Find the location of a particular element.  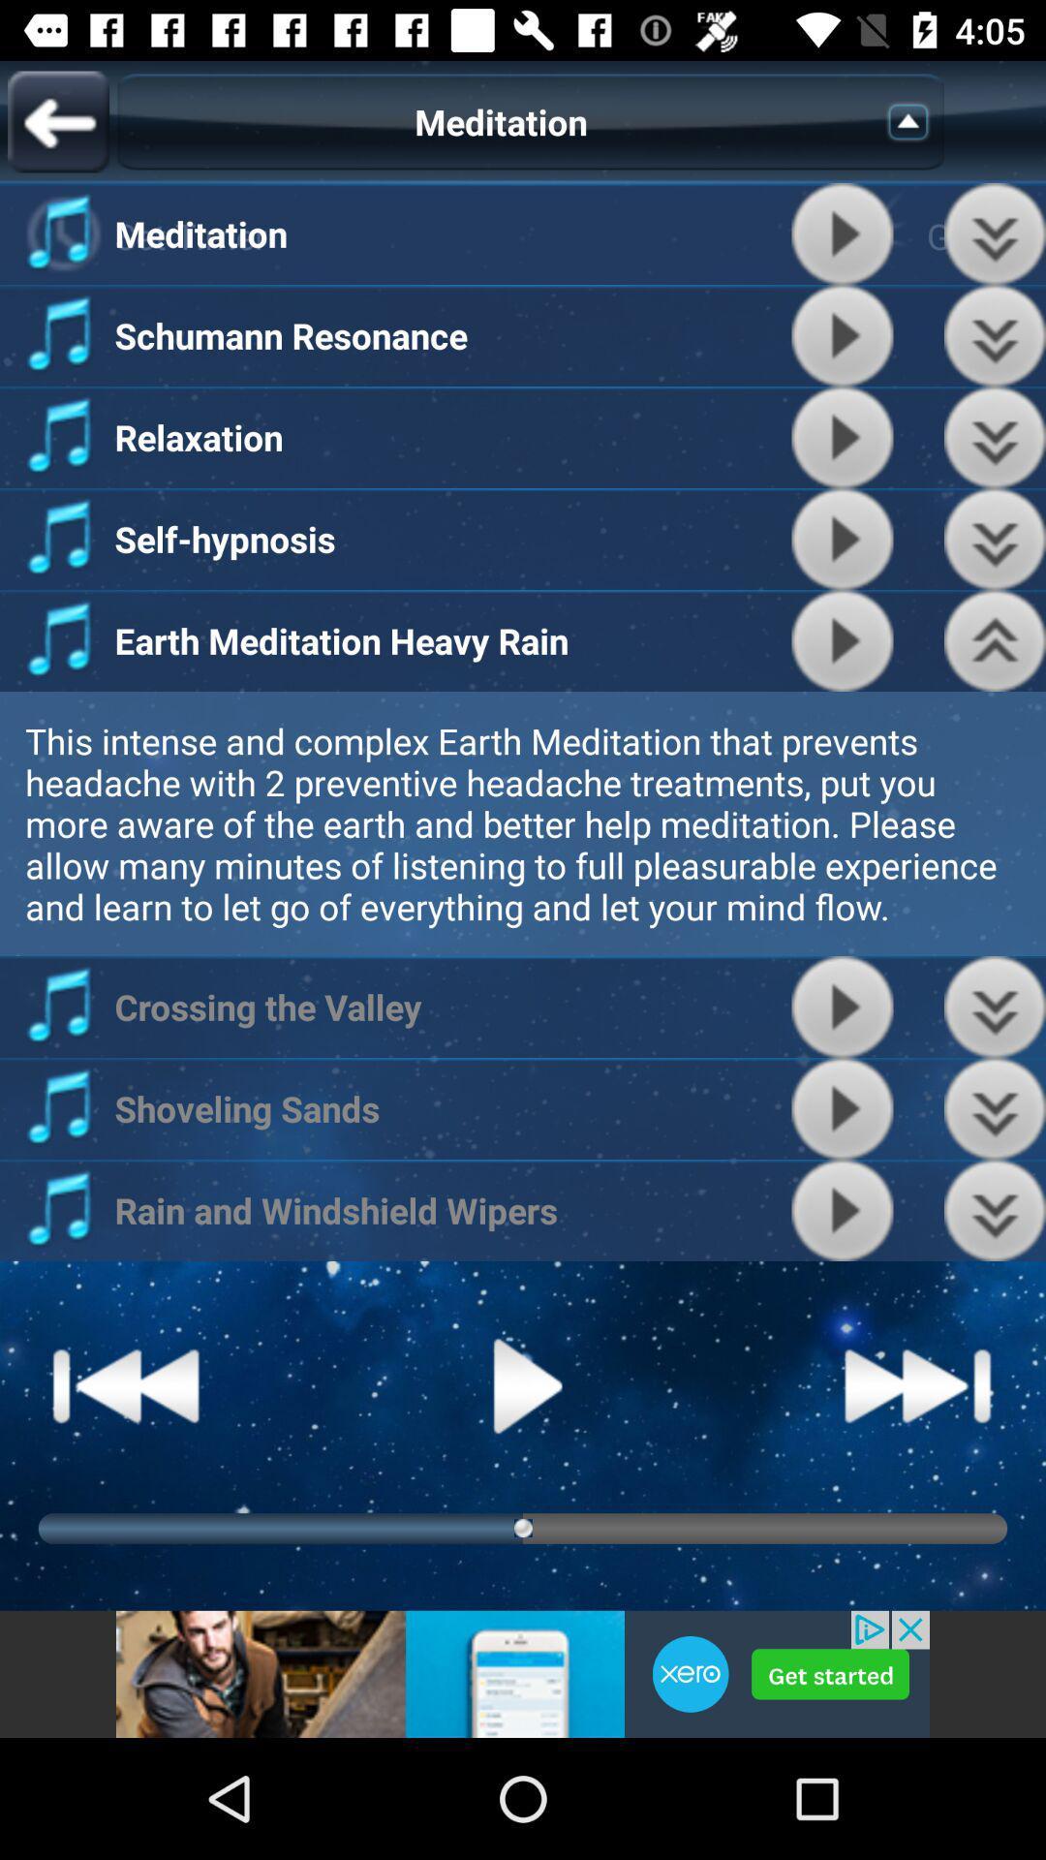

play is located at coordinates (842, 335).